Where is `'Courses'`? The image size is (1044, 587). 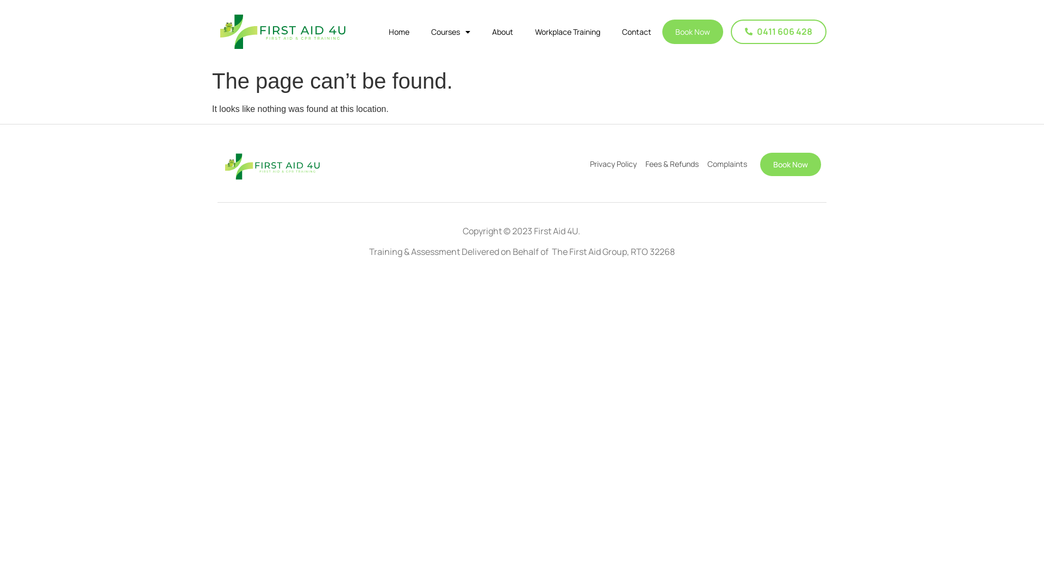 'Courses' is located at coordinates (419, 31).